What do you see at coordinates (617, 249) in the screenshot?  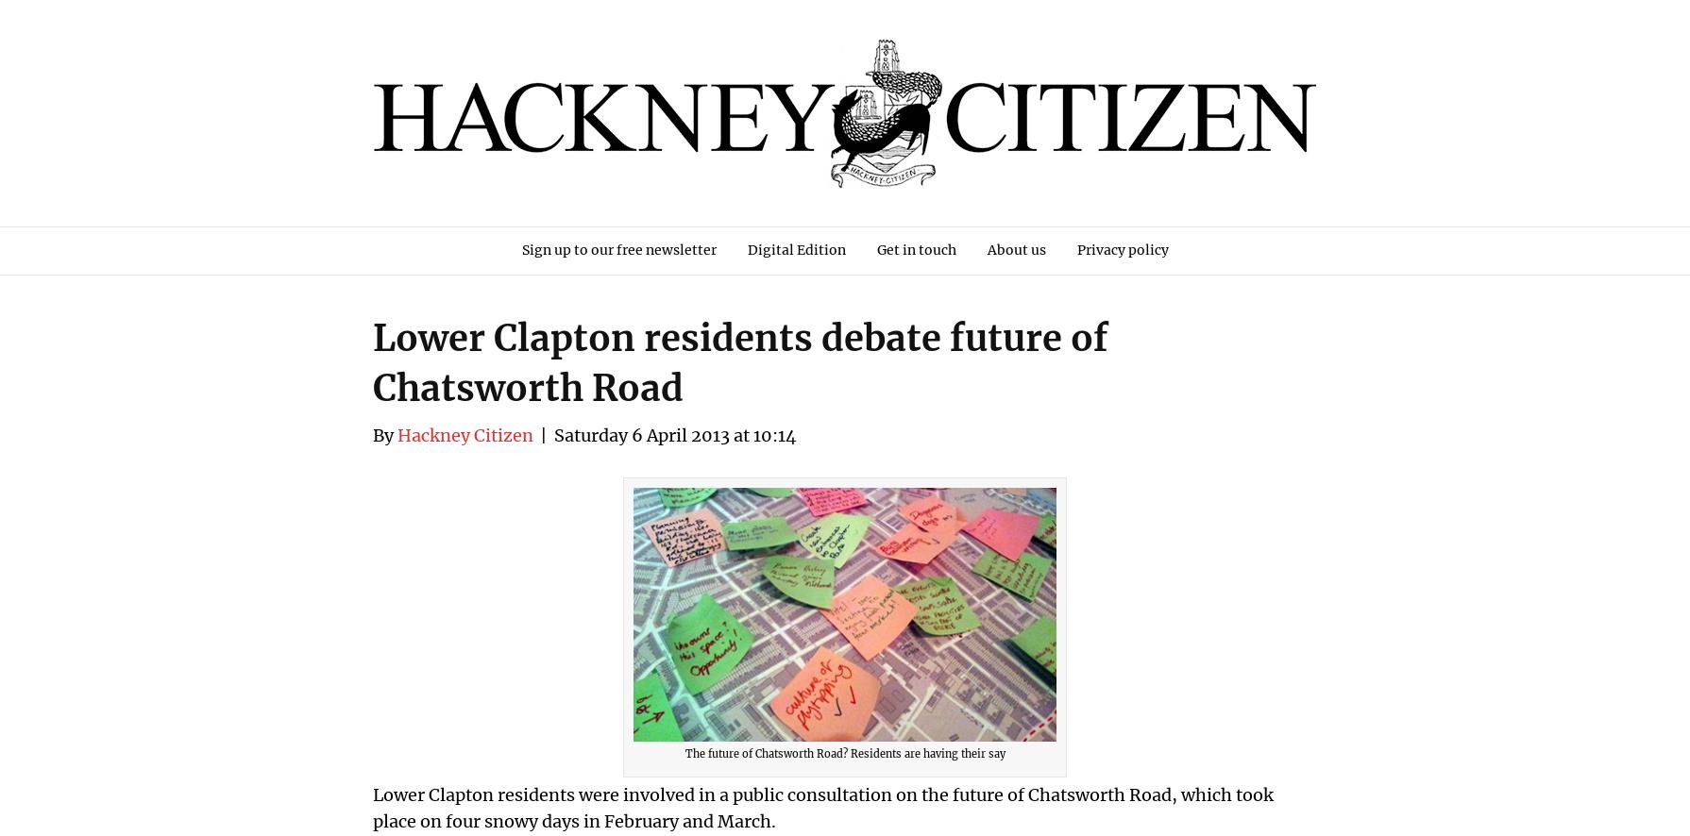 I see `'Sign up to our free newsletter'` at bounding box center [617, 249].